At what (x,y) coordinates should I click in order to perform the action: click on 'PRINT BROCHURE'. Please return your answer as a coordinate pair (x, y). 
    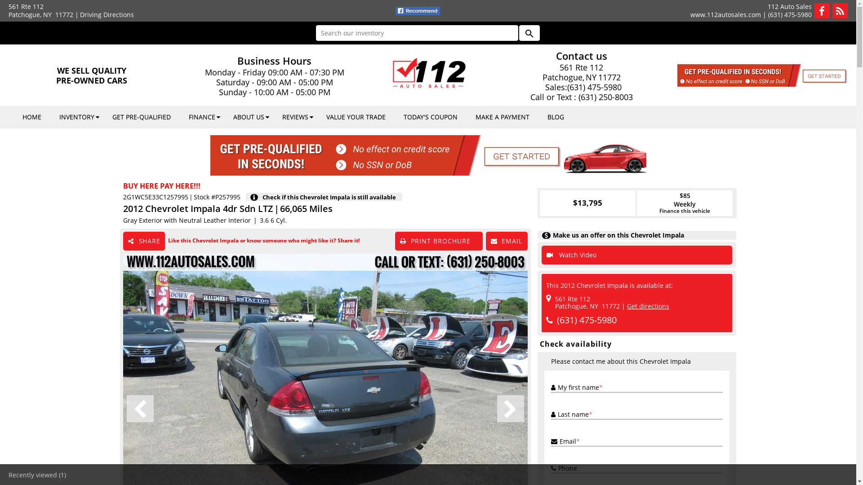
    Looking at the image, I should click on (439, 240).